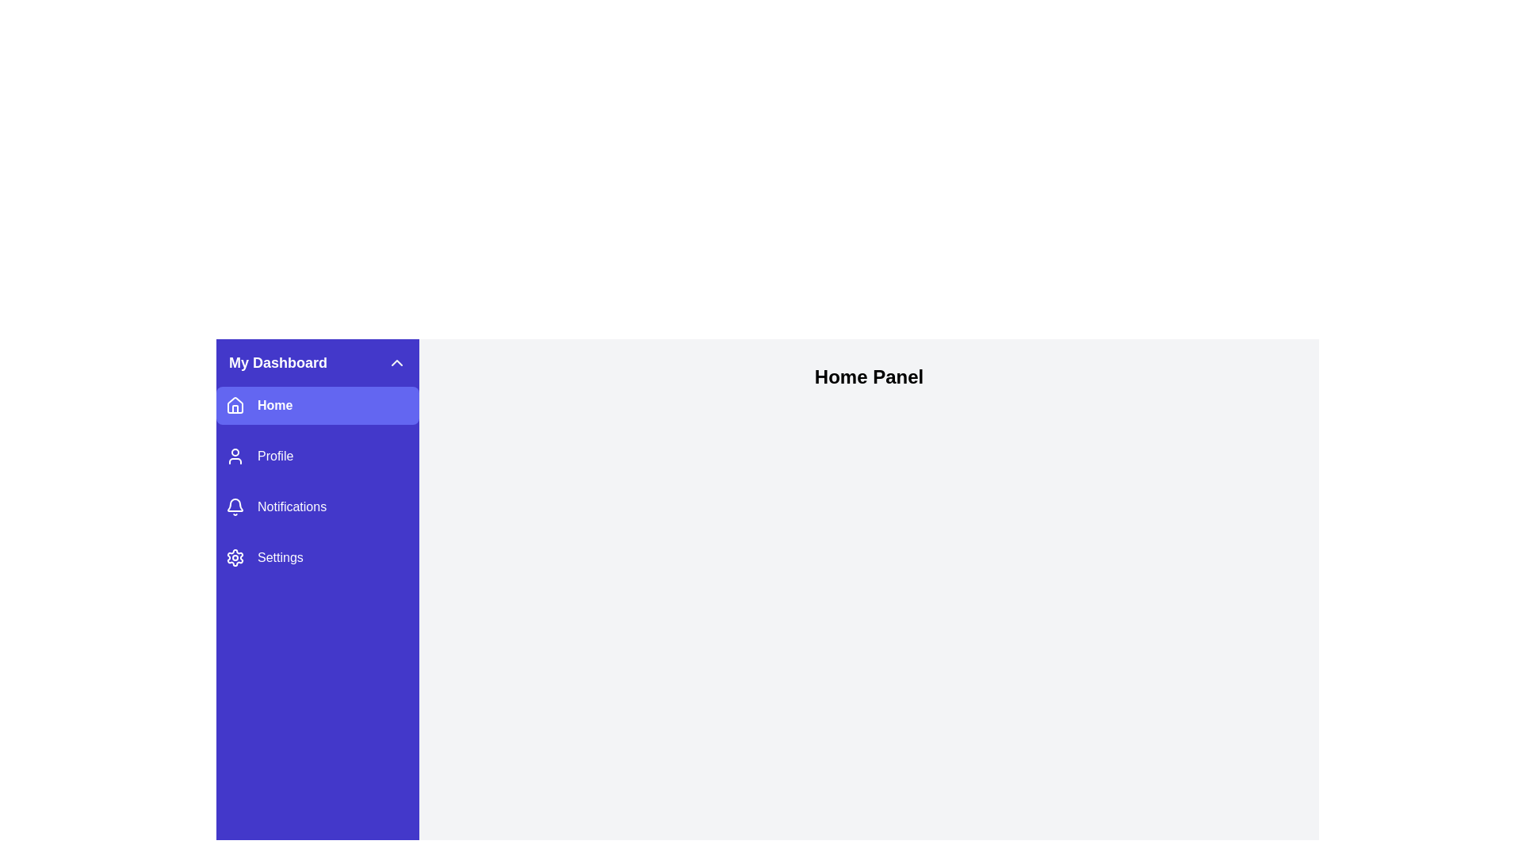  I want to click on inner vertical rectangle of the house icon, which represents the door part of the house icon located in the 'My Dashboard' section, so click(235, 408).